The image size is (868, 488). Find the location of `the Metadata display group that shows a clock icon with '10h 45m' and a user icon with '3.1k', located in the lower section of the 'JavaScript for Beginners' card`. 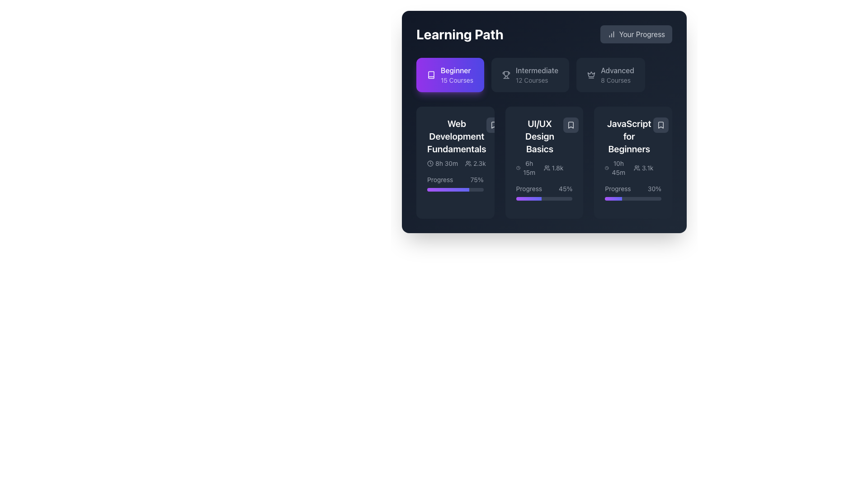

the Metadata display group that shows a clock icon with '10h 45m' and a user icon with '3.1k', located in the lower section of the 'JavaScript for Beginners' card is located at coordinates (628, 168).